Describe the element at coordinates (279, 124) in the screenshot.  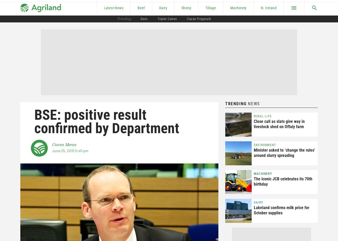
I see `'Close call as slats give way in livestock shed on Offaly farm'` at that location.